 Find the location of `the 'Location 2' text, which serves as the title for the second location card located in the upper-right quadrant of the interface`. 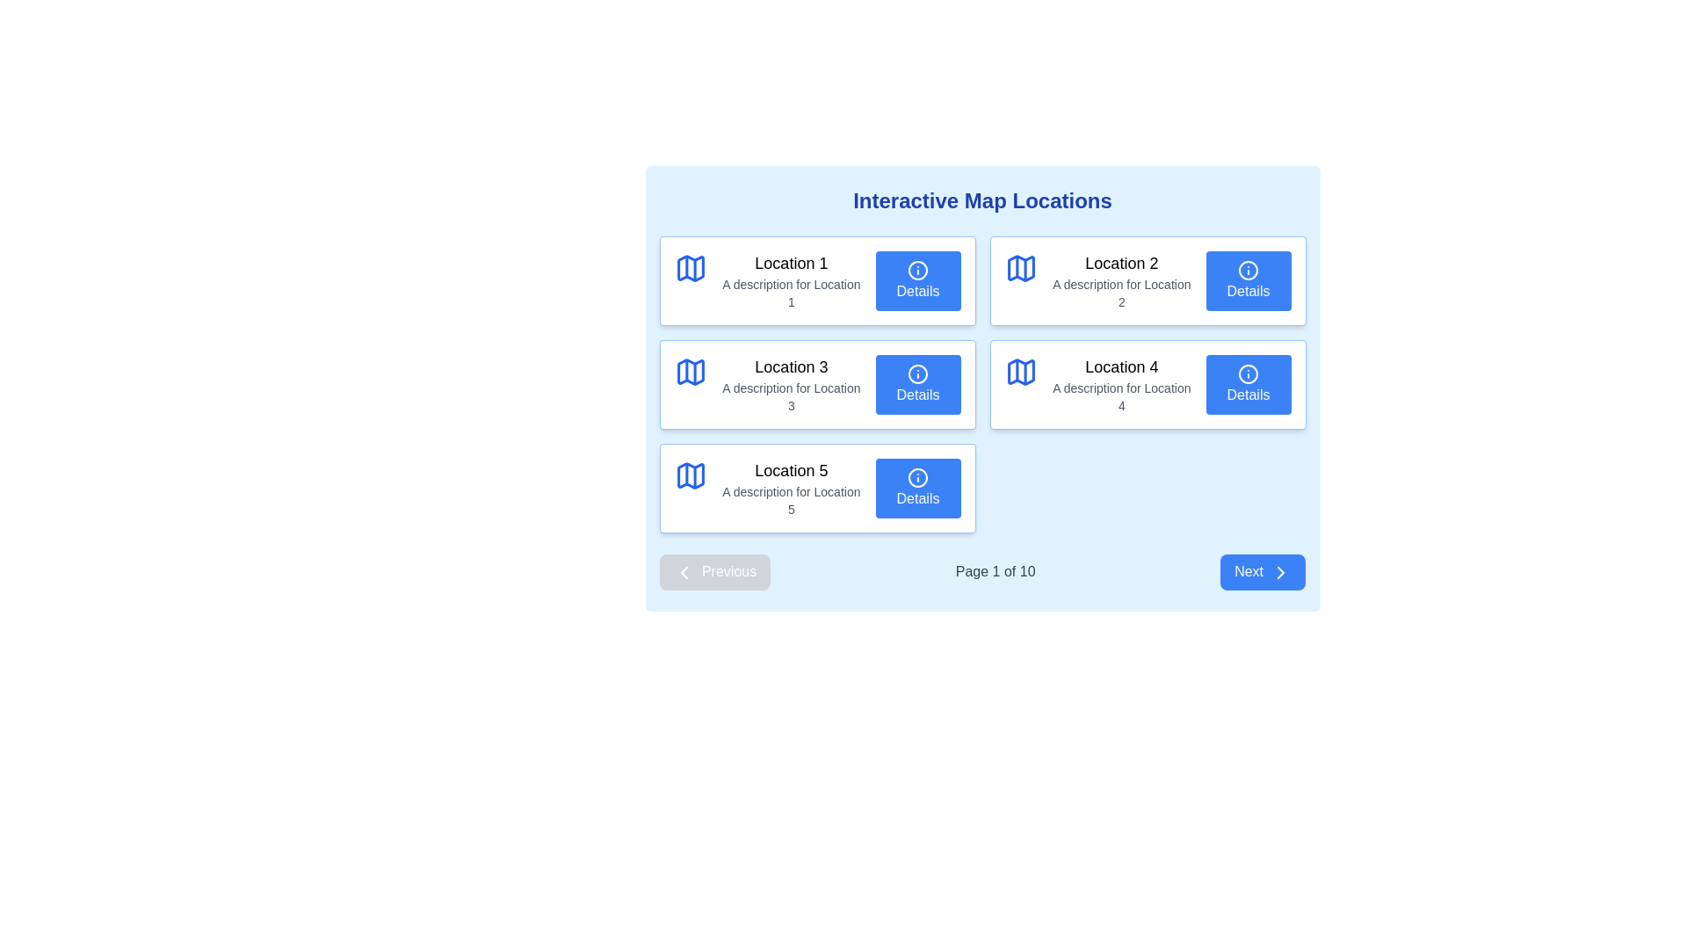

the 'Location 2' text, which serves as the title for the second location card located in the upper-right quadrant of the interface is located at coordinates (1120, 264).